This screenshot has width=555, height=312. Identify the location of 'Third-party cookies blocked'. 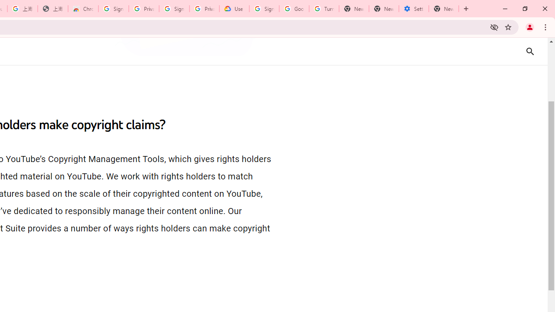
(494, 26).